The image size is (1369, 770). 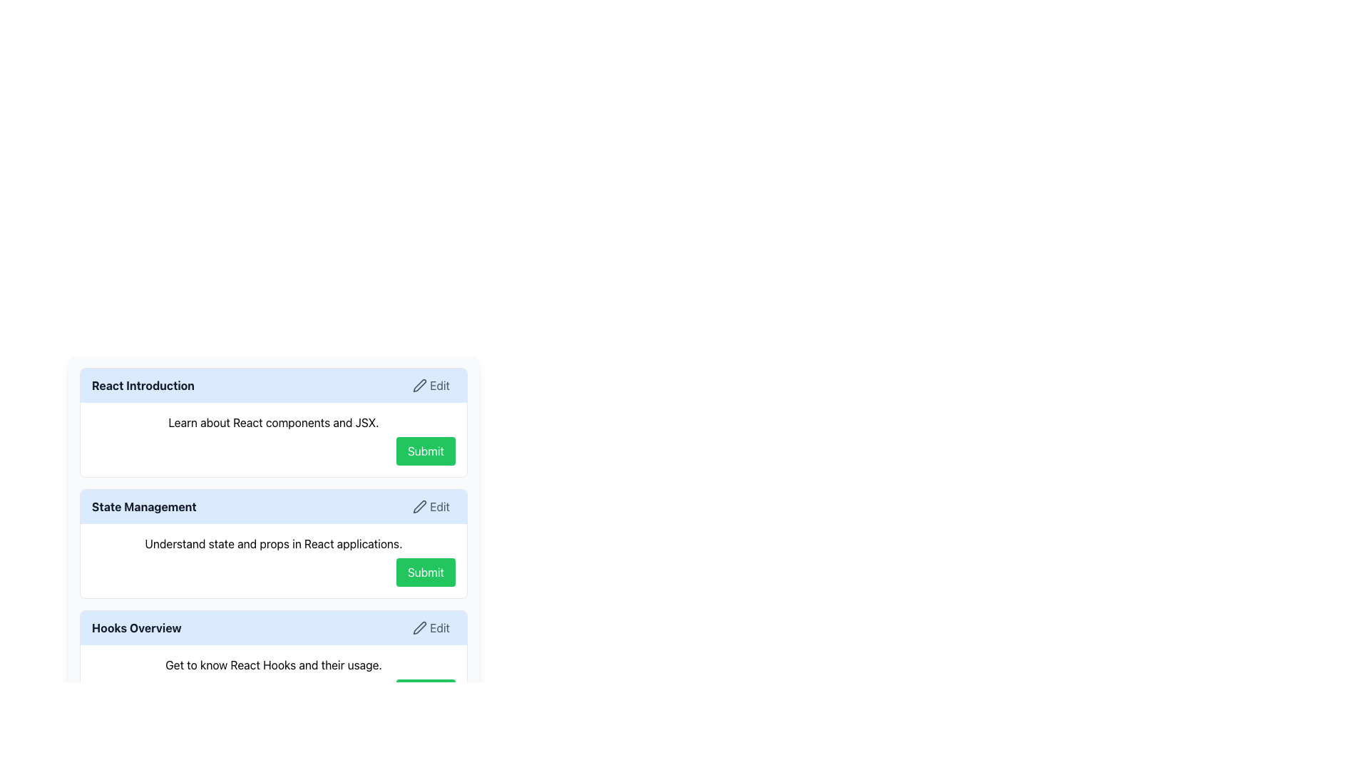 I want to click on the text label displaying 'Learn about React components and JSX.' which is positioned below the 'React Introduction' header and above the 'Submit' button, so click(x=274, y=422).